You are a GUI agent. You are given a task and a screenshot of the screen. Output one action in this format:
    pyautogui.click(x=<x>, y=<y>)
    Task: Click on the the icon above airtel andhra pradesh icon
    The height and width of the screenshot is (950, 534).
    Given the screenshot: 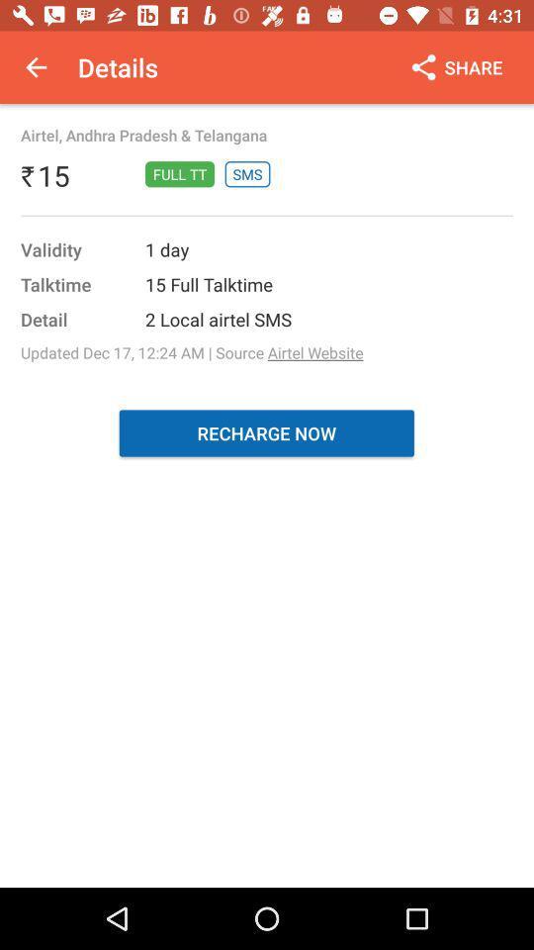 What is the action you would take?
    pyautogui.click(x=36, y=67)
    